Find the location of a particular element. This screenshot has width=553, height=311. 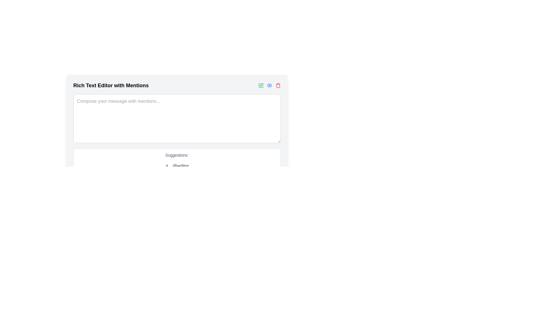

the red trash can icon located at the top-right area above the 'Rich Text Editor with Mentions' input field is located at coordinates (278, 86).